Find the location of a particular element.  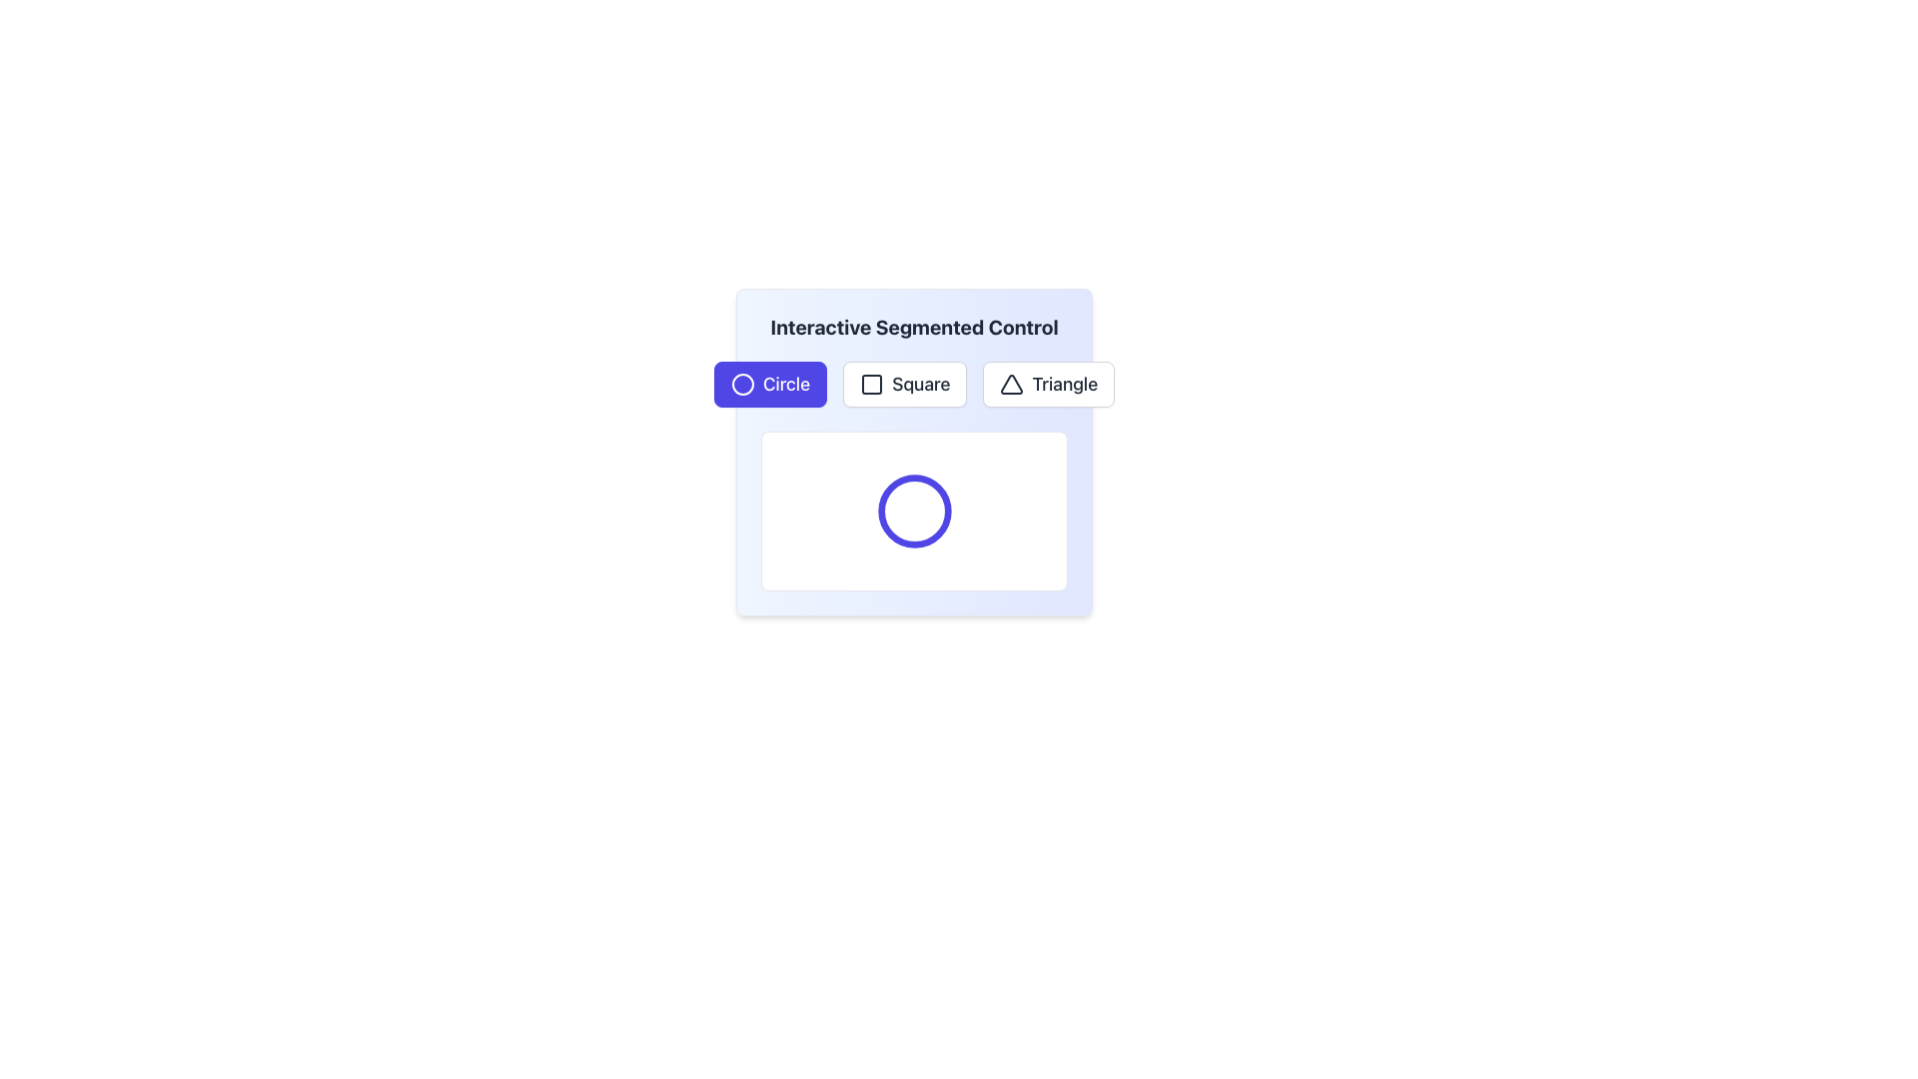

the 'Square' button in the segmented control, which has a white background and a gray border, located between the 'Circle' and 'Triangle' buttons is located at coordinates (913, 385).